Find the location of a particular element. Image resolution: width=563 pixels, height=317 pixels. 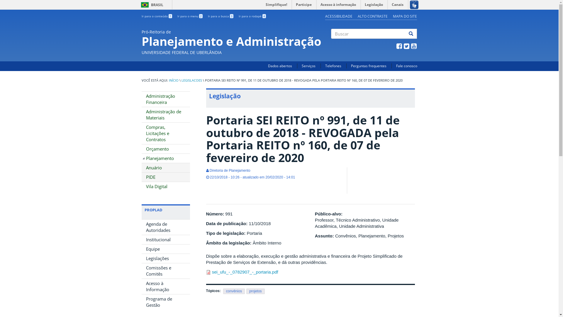

'Planejamento' is located at coordinates (141, 158).